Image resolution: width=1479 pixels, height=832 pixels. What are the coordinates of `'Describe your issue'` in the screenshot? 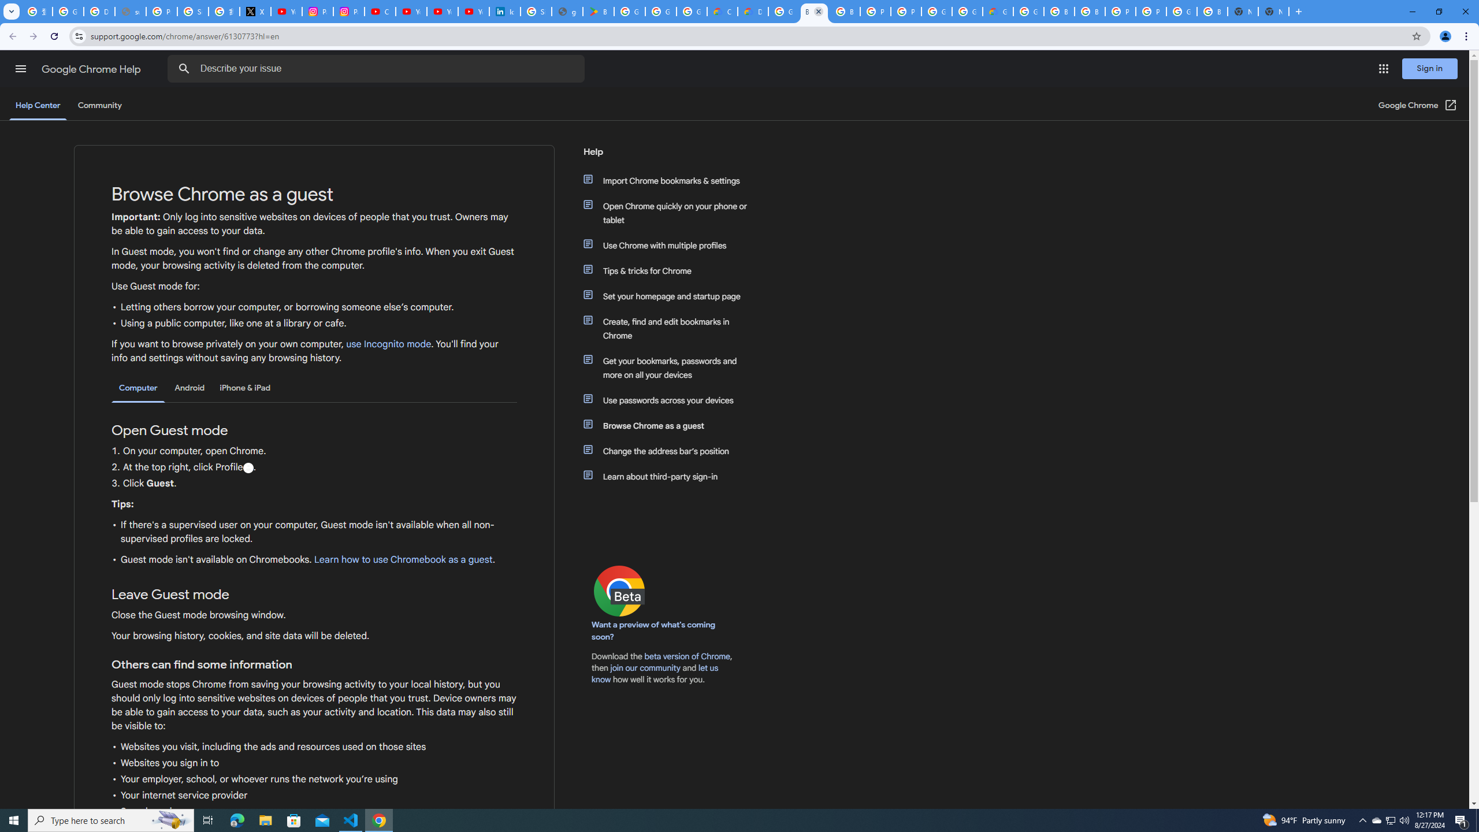 It's located at (377, 68).